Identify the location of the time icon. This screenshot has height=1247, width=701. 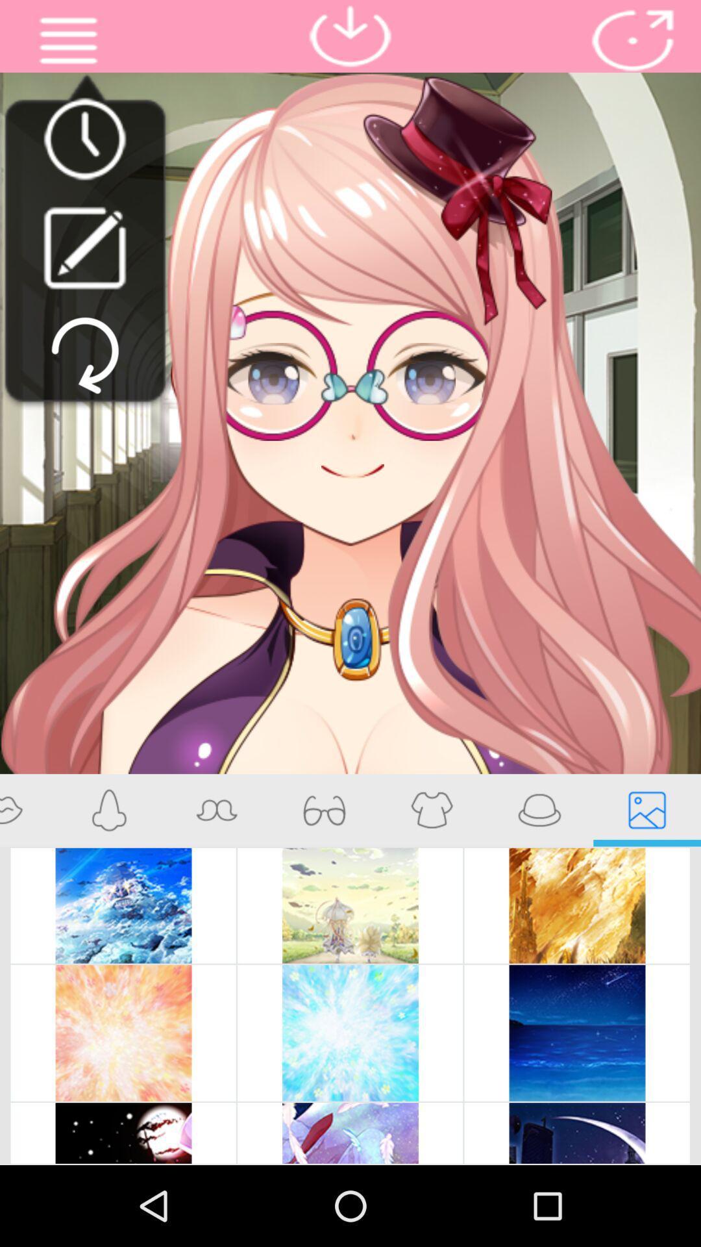
(84, 149).